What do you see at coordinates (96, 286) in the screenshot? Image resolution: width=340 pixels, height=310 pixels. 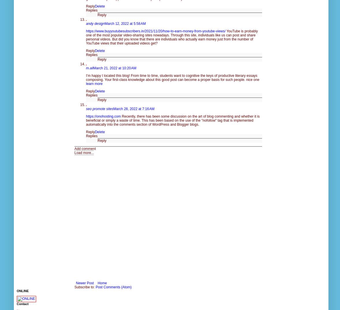 I see `'Post Comments (Atom)'` at bounding box center [96, 286].